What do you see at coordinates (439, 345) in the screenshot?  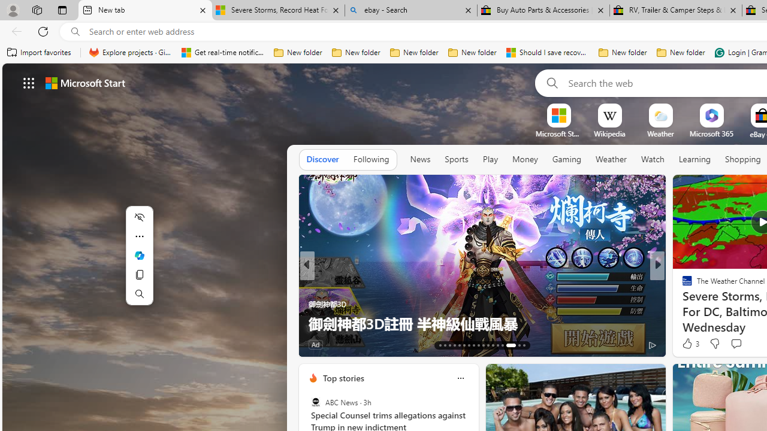 I see `'AutomationID: tab-13'` at bounding box center [439, 345].